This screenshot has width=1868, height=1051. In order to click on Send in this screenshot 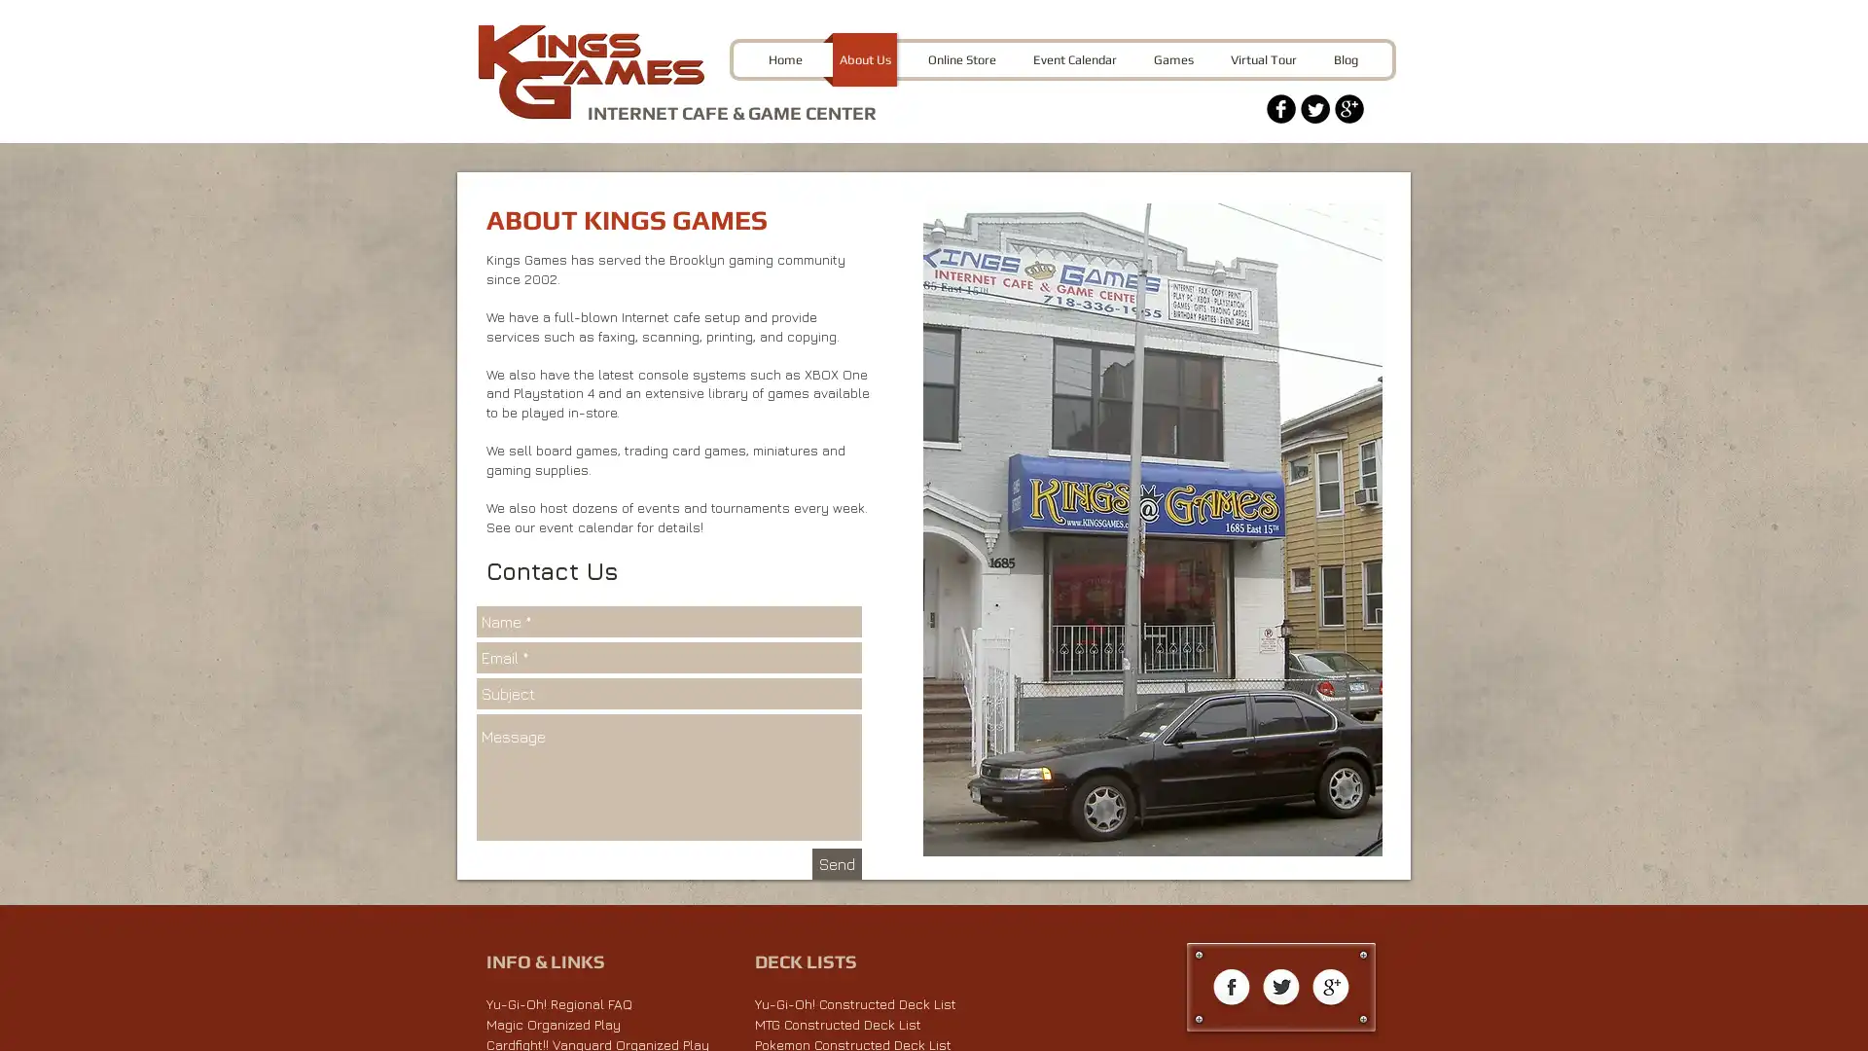, I will do `click(837, 862)`.